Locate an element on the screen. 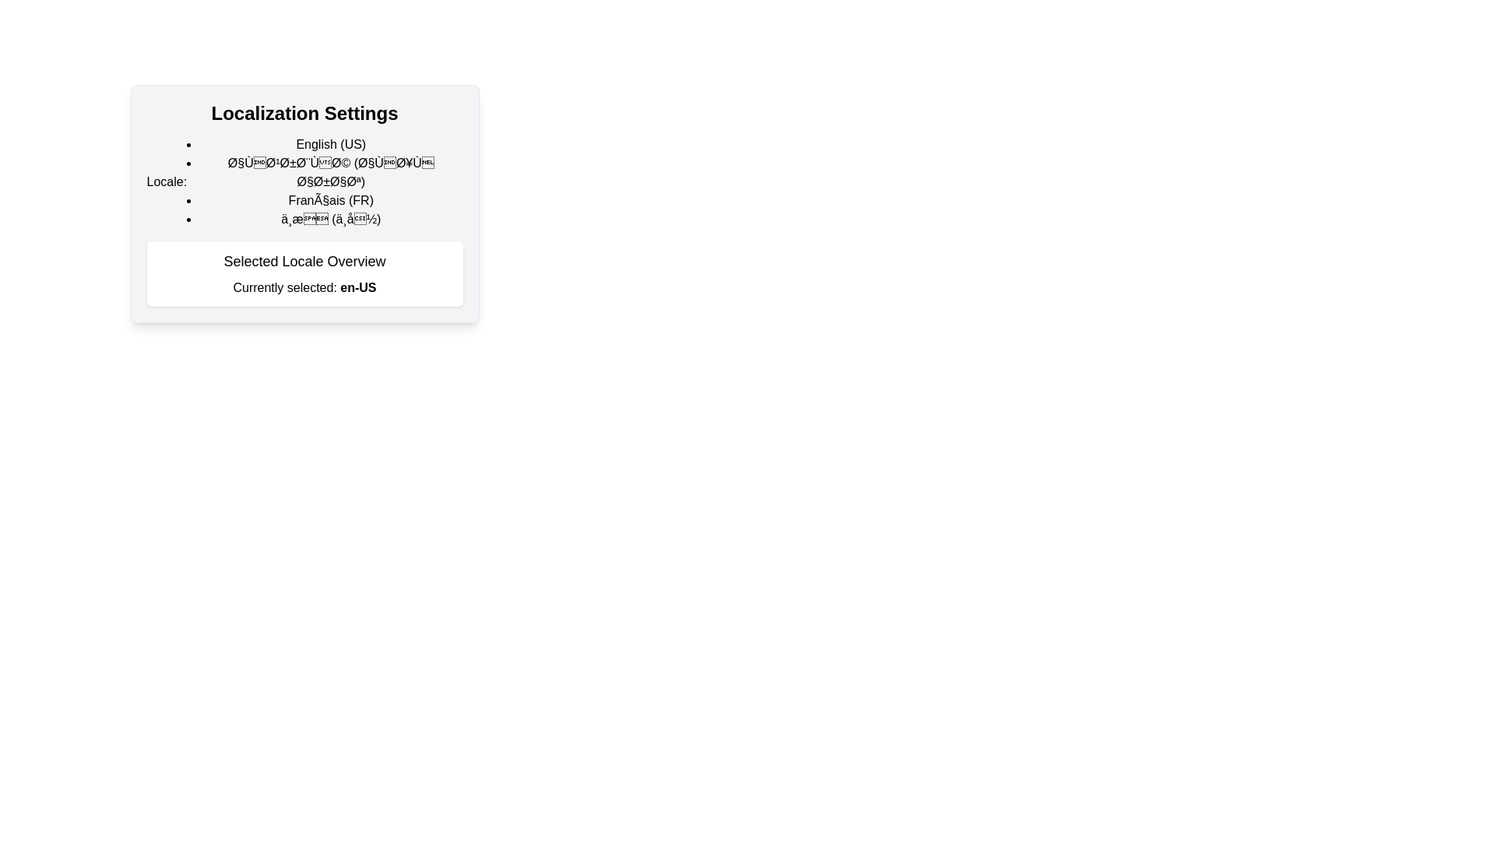 This screenshot has width=1495, height=841. the interactive text label displaying 'FranÃ§ais (FR)' is located at coordinates (330, 200).